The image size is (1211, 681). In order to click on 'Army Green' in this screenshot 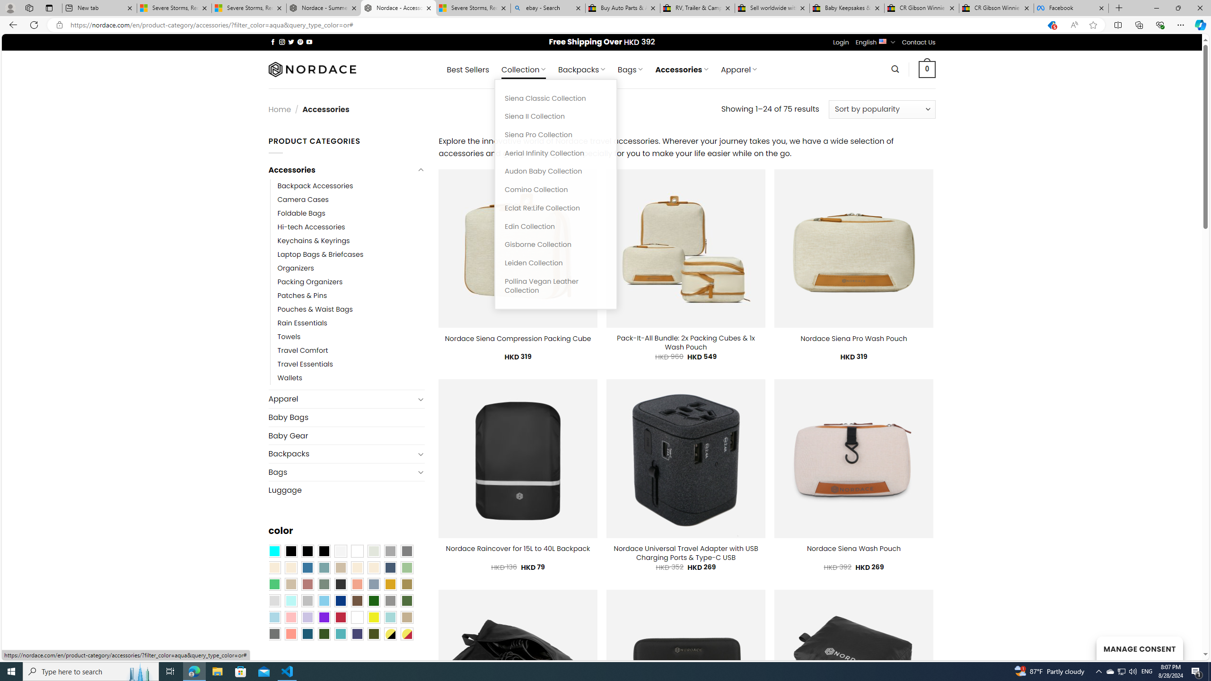, I will do `click(374, 634)`.